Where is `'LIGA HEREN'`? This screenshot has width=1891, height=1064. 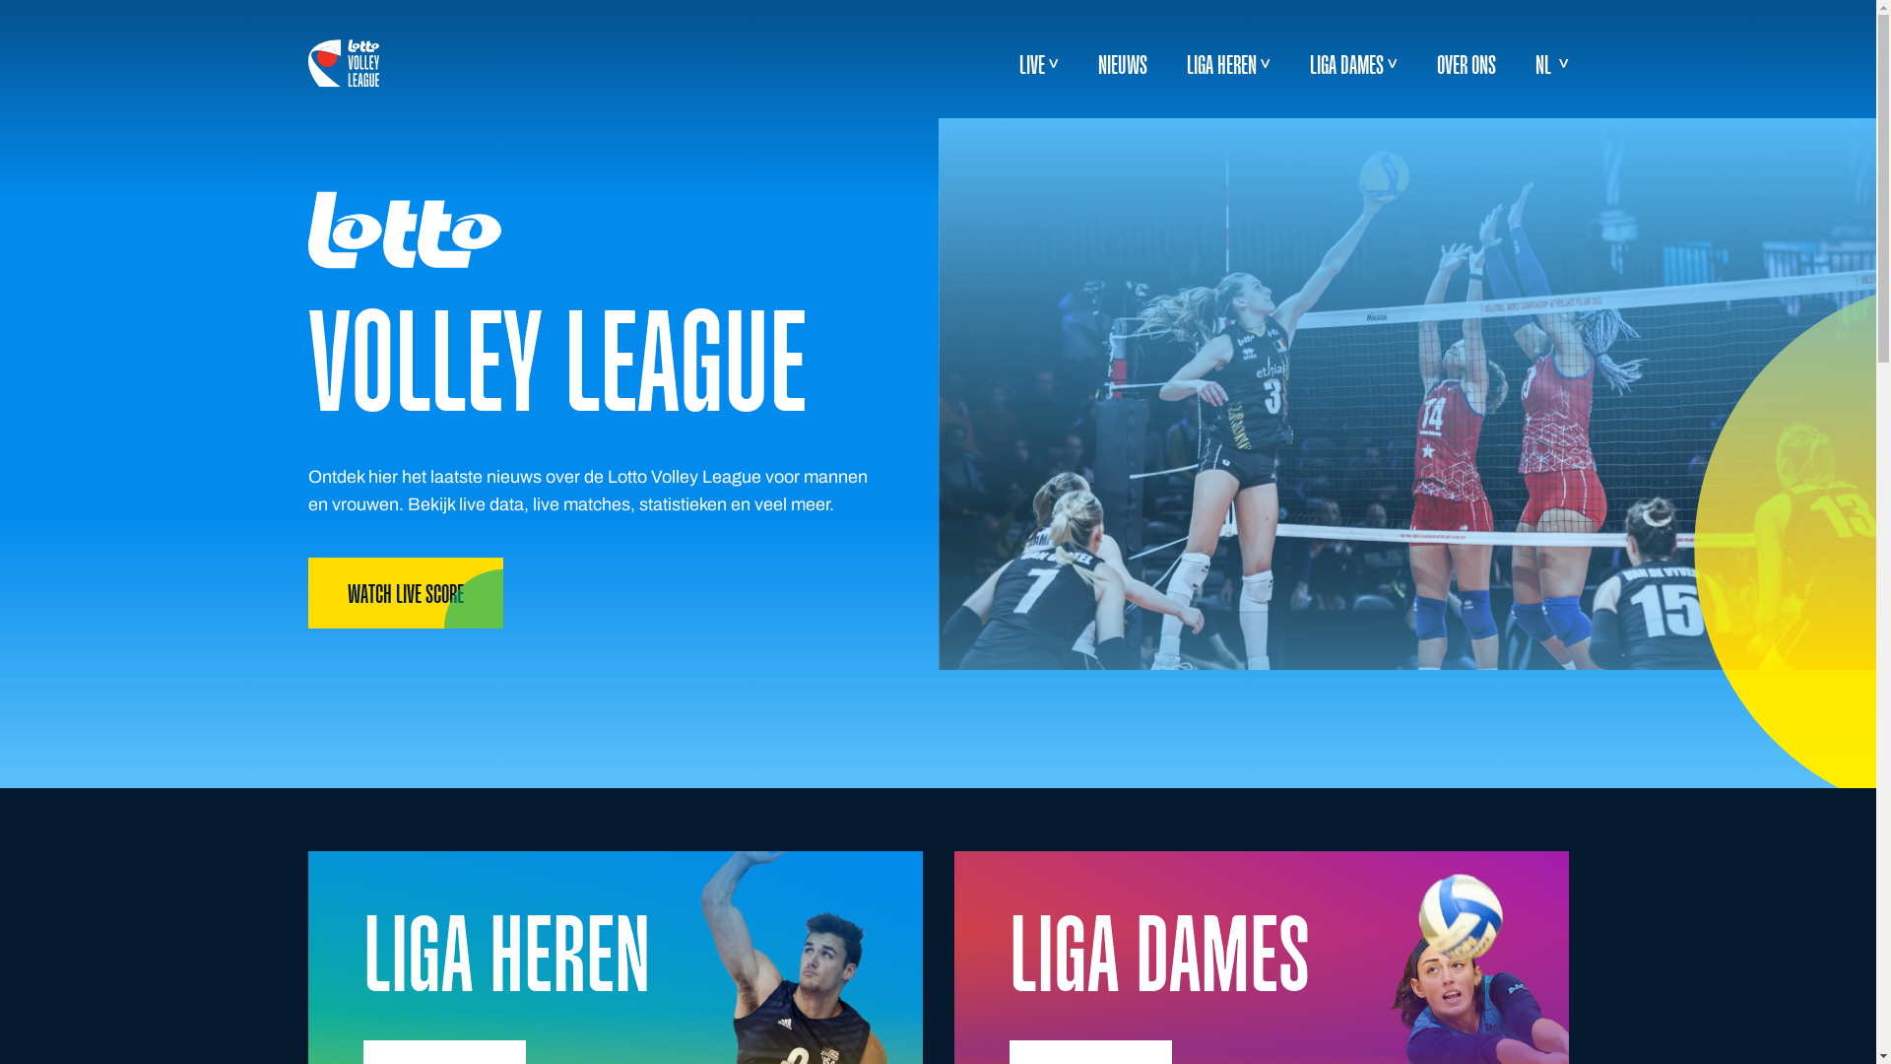
'LIGA HEREN' is located at coordinates (1185, 62).